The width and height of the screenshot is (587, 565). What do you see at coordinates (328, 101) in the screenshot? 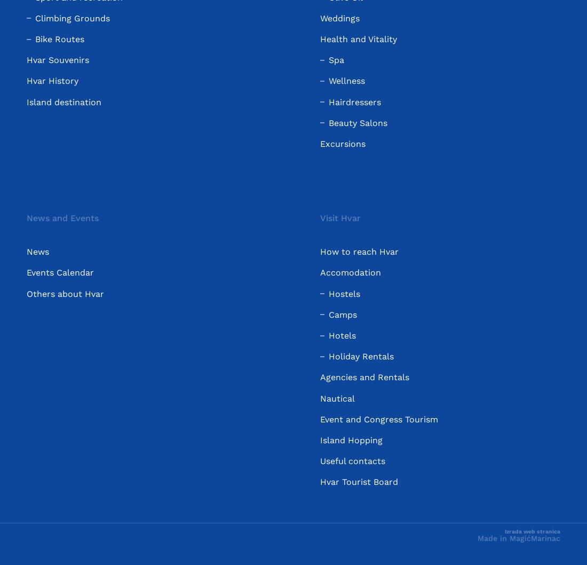
I see `'Hairdressers'` at bounding box center [328, 101].